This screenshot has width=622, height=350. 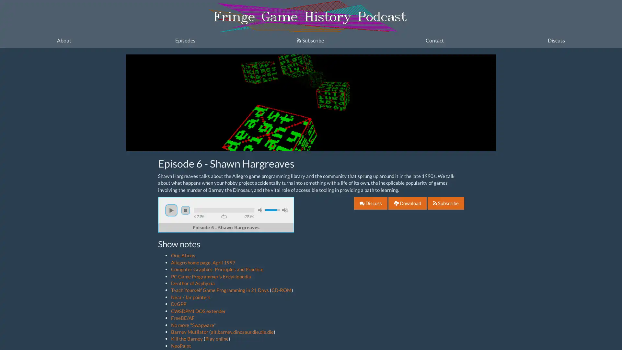 What do you see at coordinates (284, 210) in the screenshot?
I see `max volume` at bounding box center [284, 210].